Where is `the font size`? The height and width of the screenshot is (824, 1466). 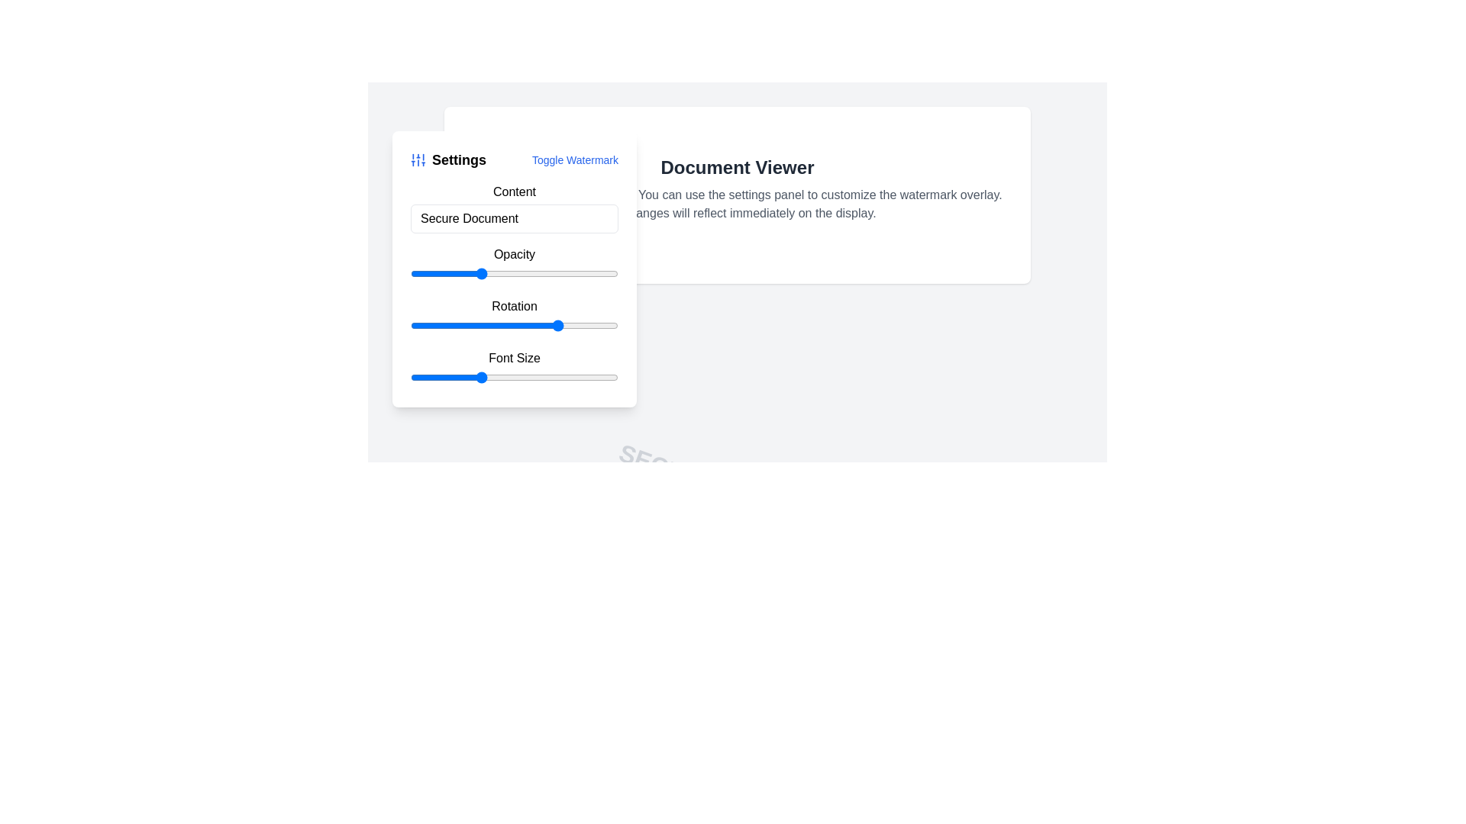
the font size is located at coordinates (475, 377).